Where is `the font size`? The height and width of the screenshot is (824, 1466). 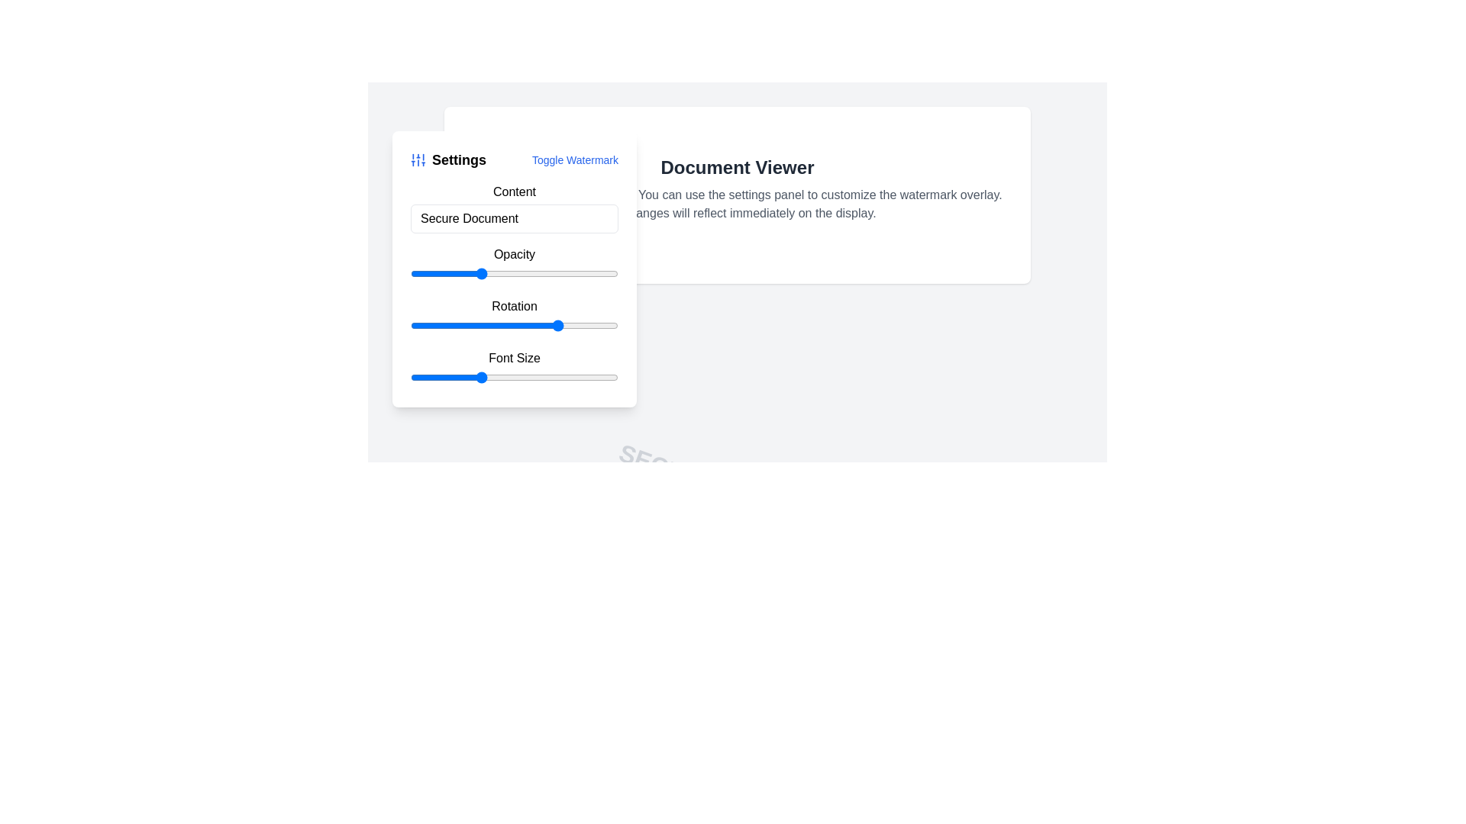
the font size is located at coordinates (475, 377).